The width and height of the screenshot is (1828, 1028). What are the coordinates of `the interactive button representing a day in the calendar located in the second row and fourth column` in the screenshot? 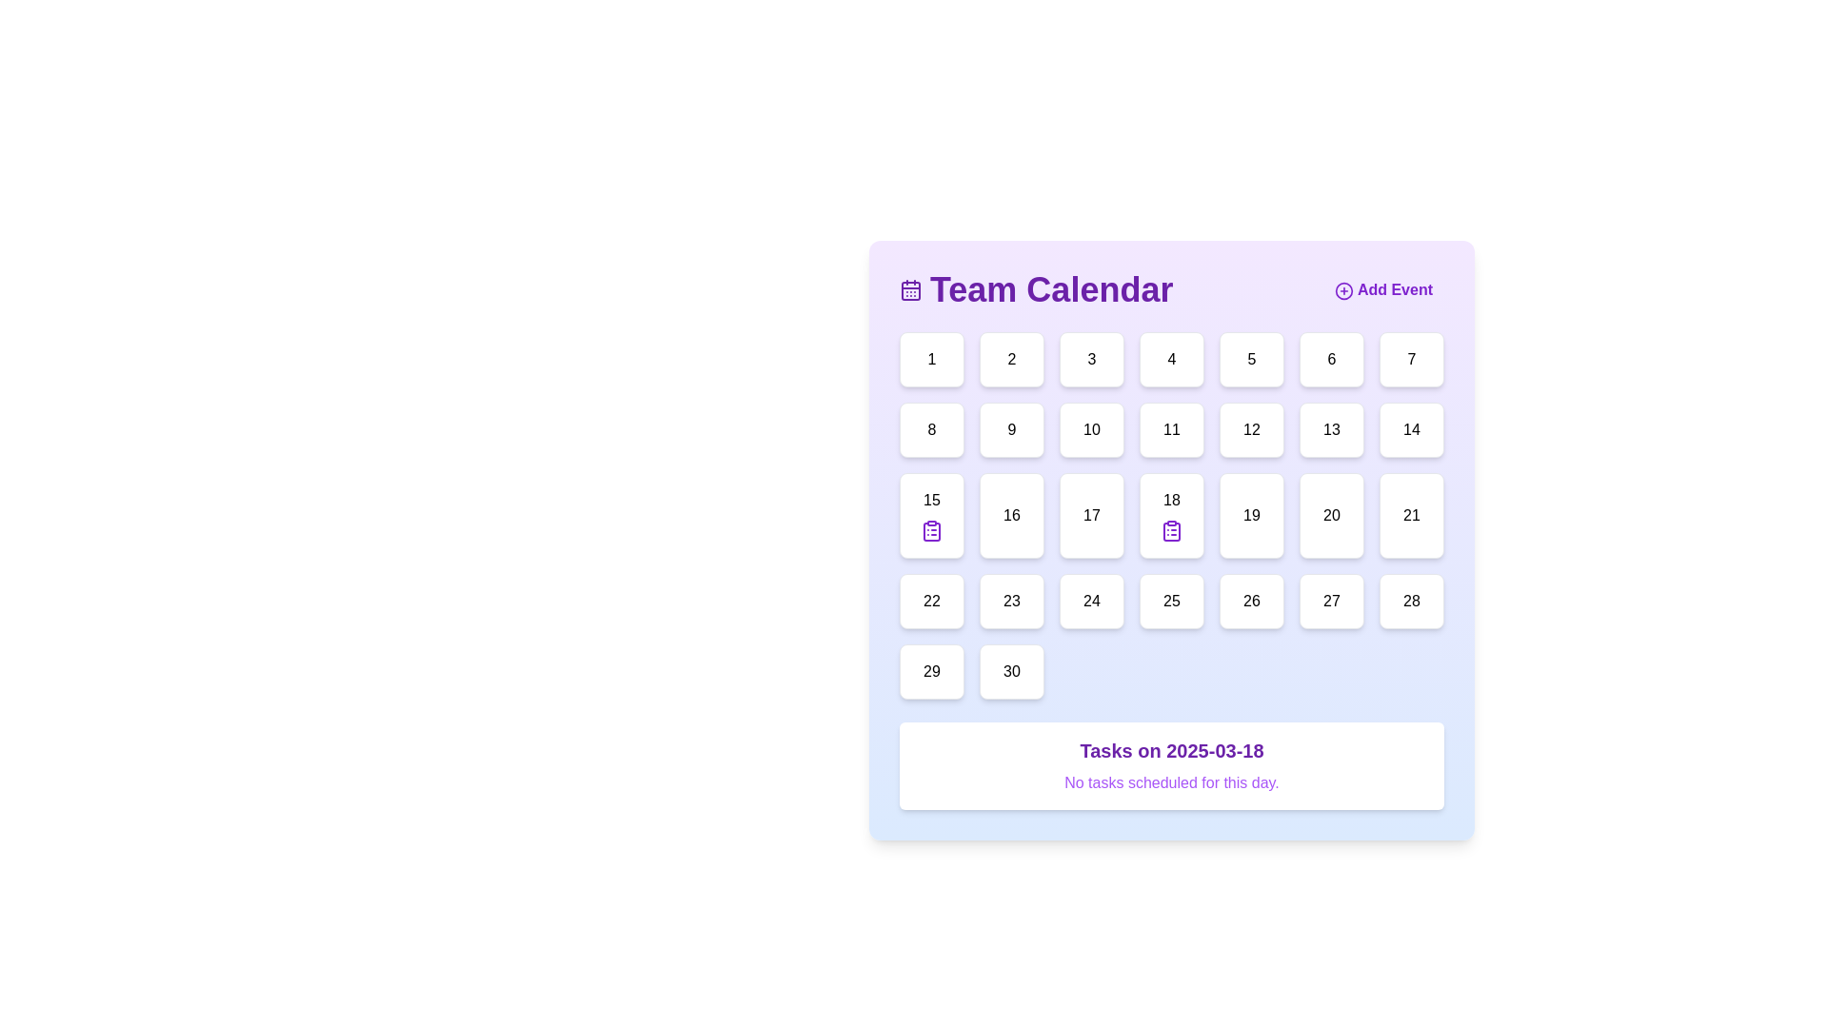 It's located at (1170, 429).